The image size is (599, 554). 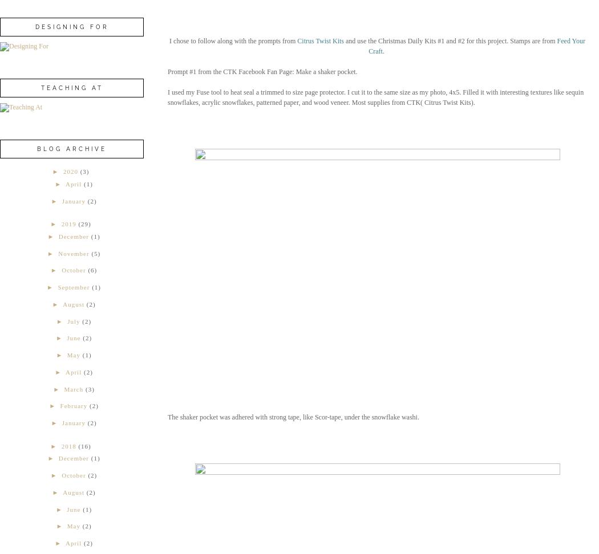 I want to click on '(16)', so click(x=84, y=445).